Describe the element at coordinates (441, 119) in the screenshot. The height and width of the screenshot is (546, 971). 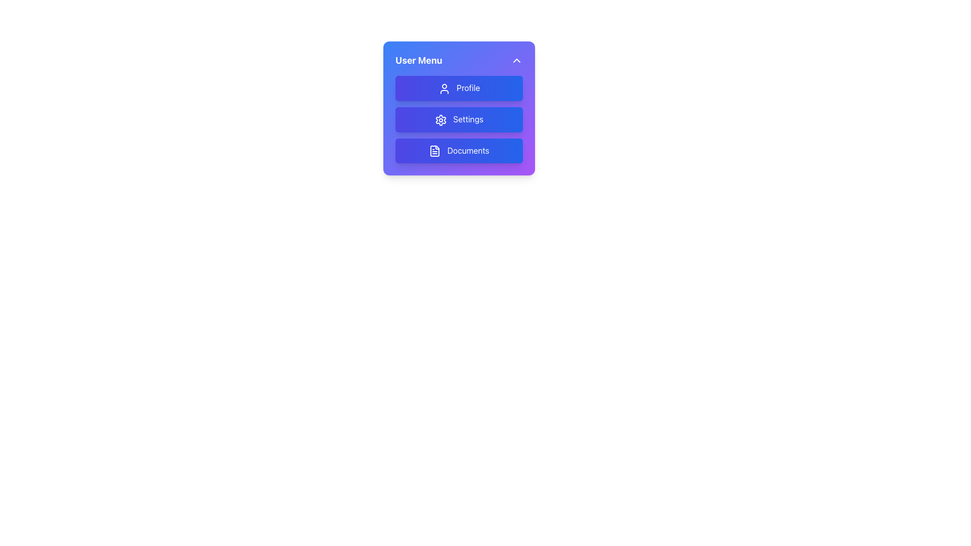
I see `the gear-like icon, which is the central icon of three options in the 'Settings' vertical menu` at that location.